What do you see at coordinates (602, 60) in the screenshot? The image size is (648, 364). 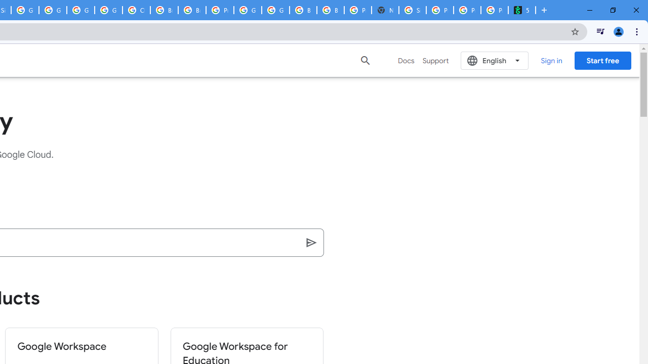 I see `'Start free'` at bounding box center [602, 60].